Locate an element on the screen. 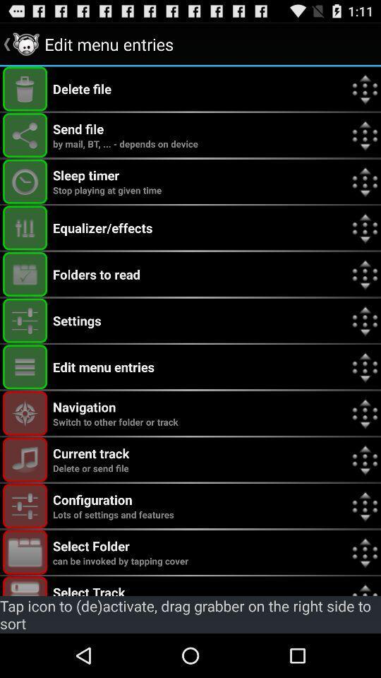 The width and height of the screenshot is (381, 678). tap to invoke select folder is located at coordinates (25, 552).